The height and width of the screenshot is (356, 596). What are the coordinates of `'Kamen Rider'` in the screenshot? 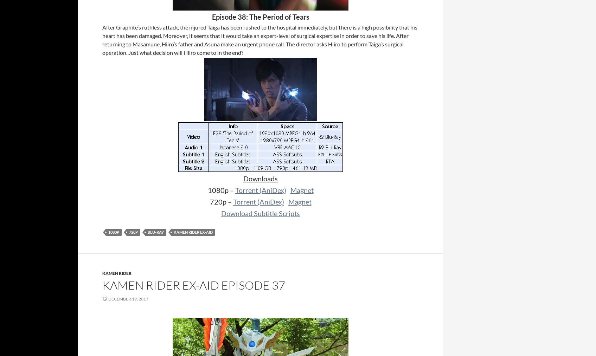 It's located at (116, 273).